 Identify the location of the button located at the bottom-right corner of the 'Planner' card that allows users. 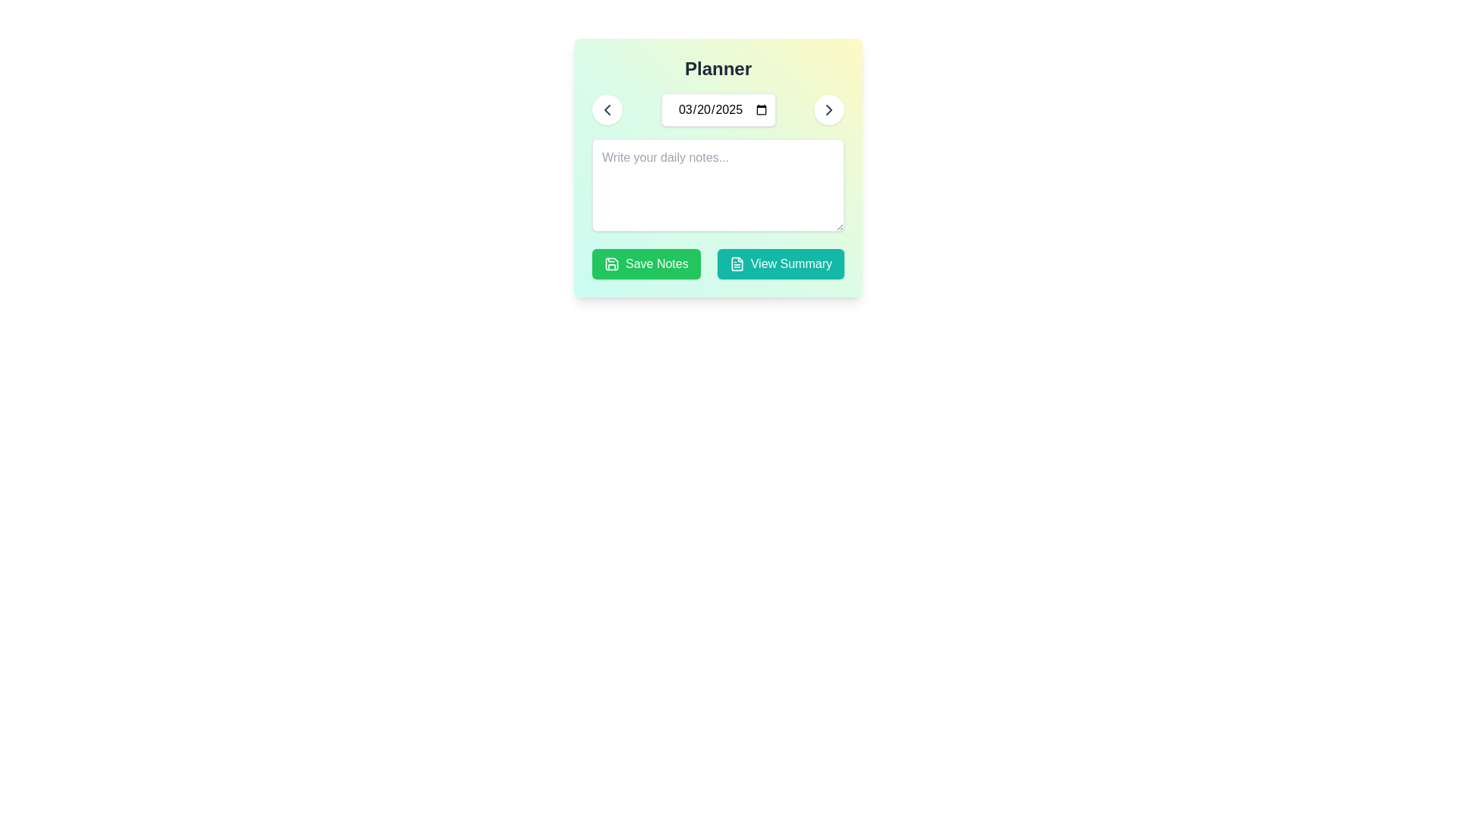
(781, 263).